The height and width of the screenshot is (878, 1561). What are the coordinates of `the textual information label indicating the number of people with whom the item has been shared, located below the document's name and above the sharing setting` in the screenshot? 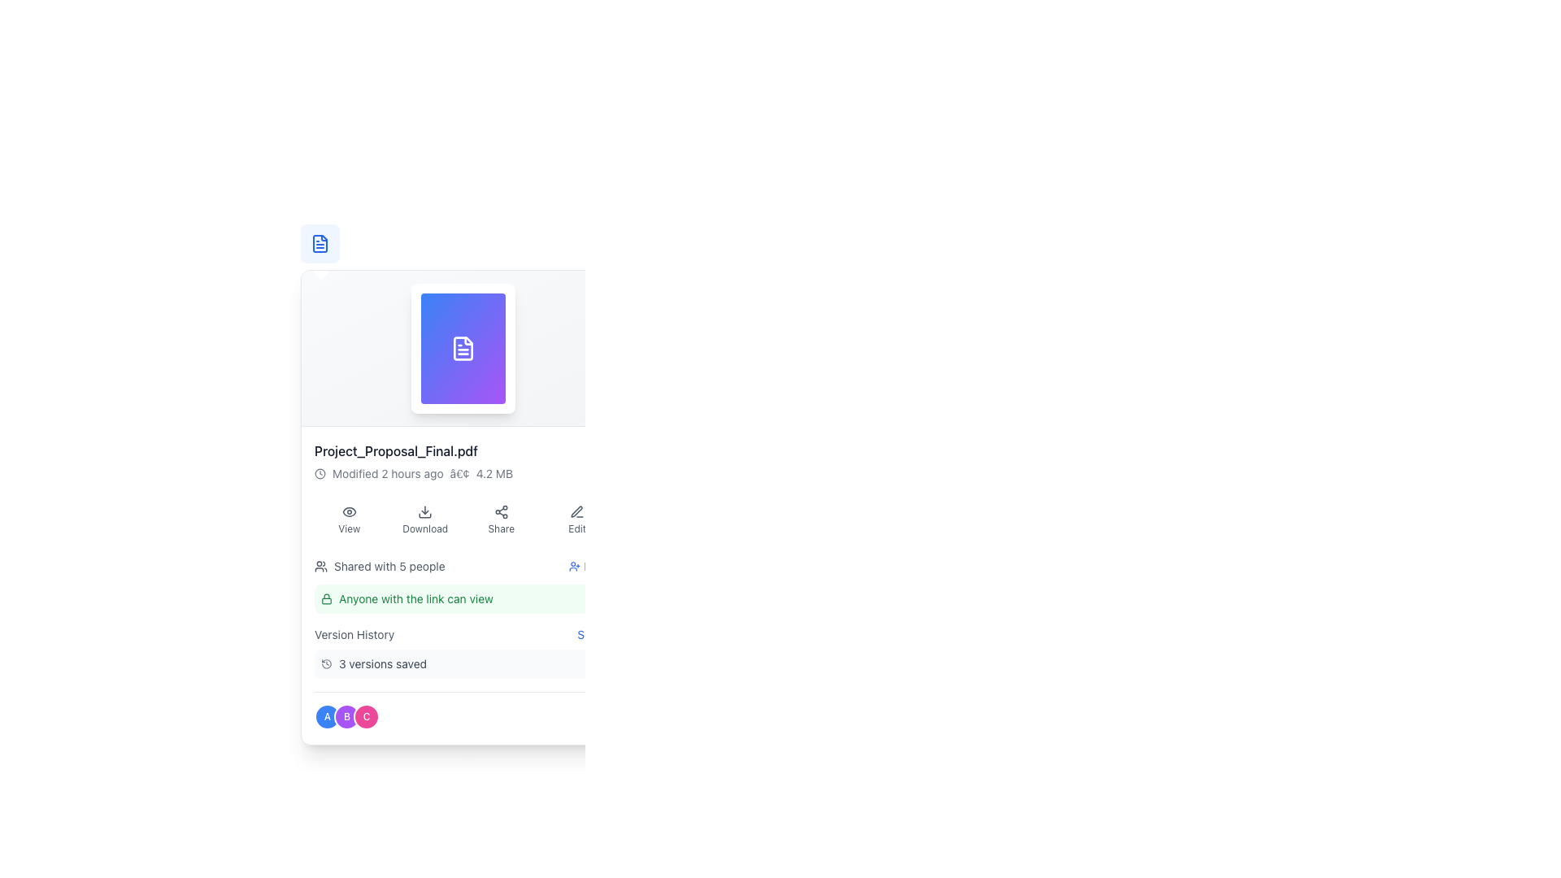 It's located at (379, 566).